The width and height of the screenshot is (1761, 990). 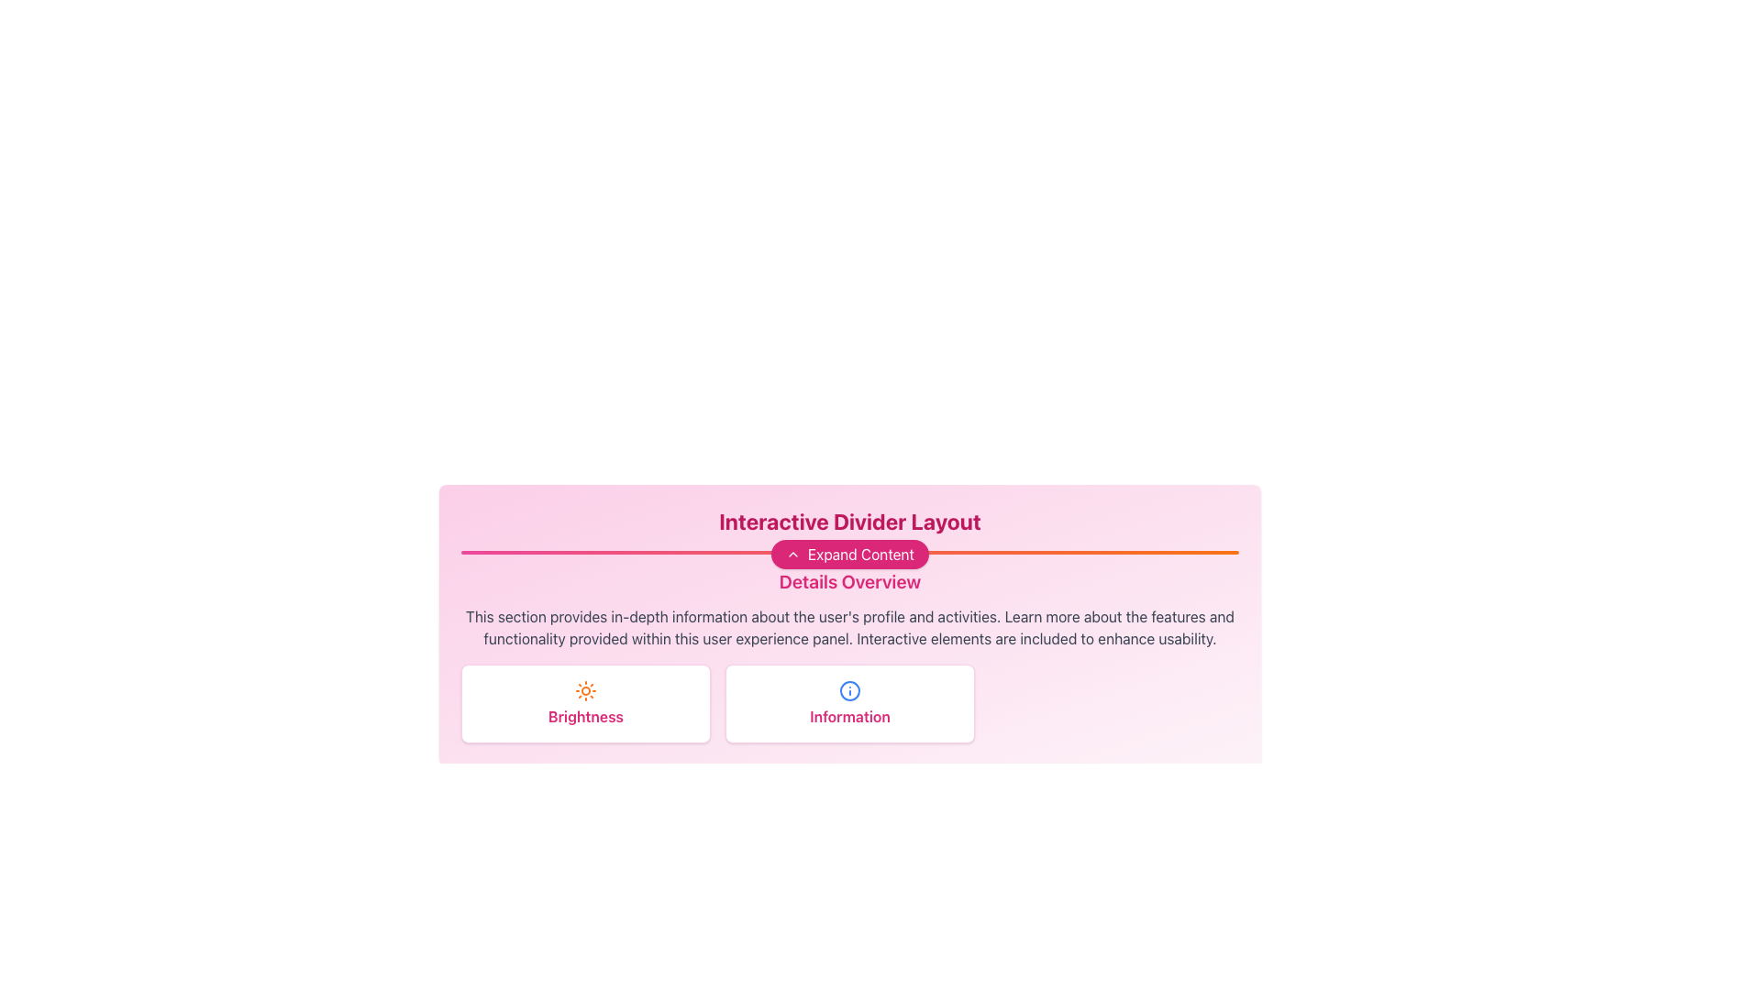 I want to click on the button with rounded edges and vibrant pink background labeled 'Expand Content', so click(x=848, y=554).